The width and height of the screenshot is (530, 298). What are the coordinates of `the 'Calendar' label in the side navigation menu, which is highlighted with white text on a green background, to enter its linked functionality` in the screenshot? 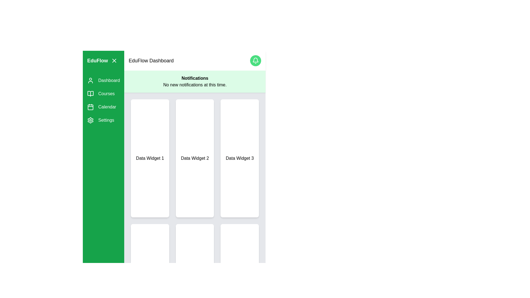 It's located at (107, 107).